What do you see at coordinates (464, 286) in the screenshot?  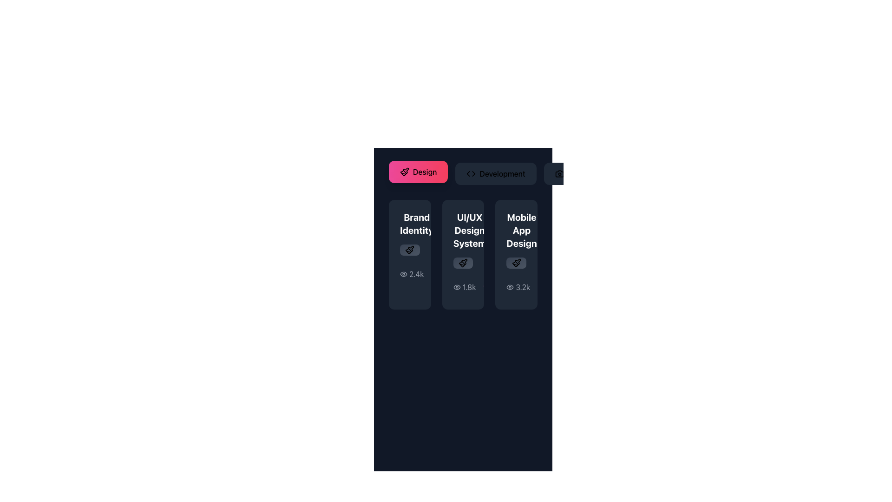 I see `the eye icon adjacent to the view count text in the second column of the vertical card layout` at bounding box center [464, 286].